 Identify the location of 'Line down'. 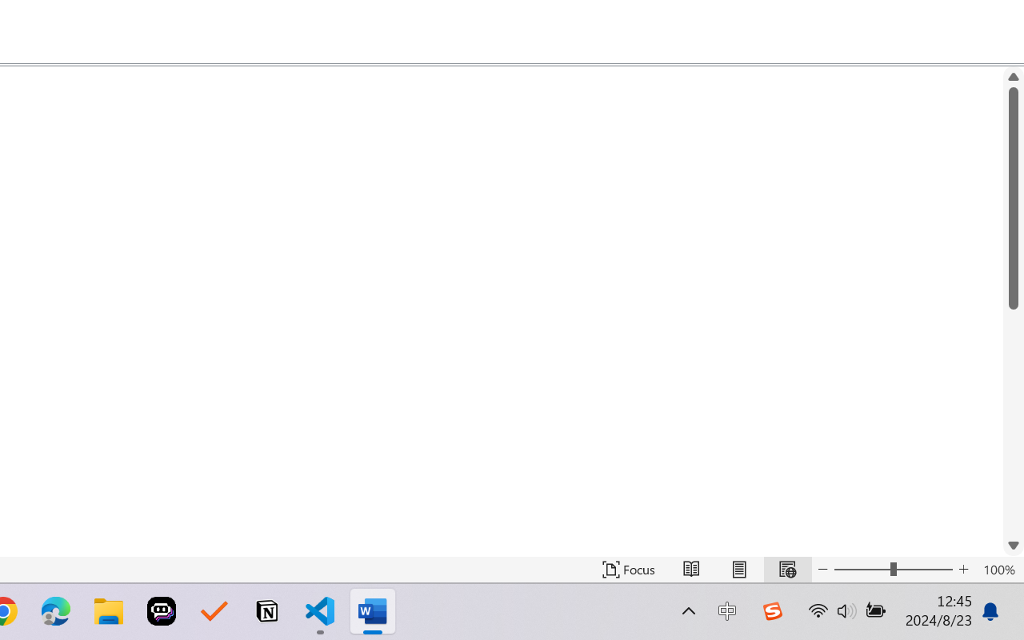
(1013, 546).